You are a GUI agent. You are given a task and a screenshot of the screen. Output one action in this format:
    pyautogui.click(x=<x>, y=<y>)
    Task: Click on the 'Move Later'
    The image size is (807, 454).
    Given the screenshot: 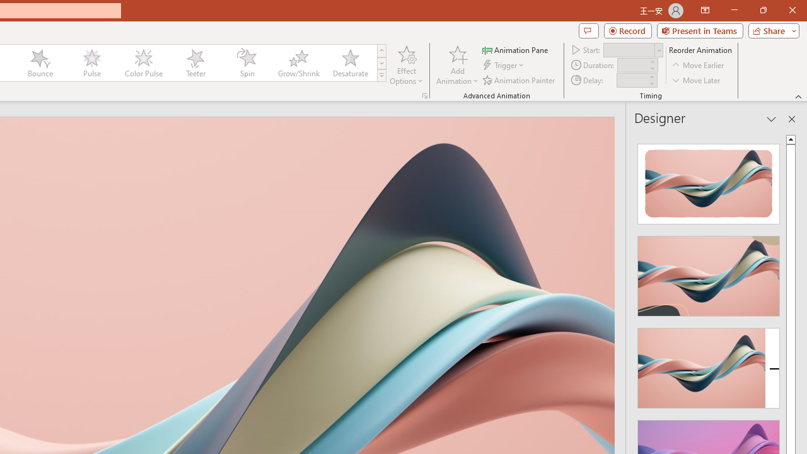 What is the action you would take?
    pyautogui.click(x=696, y=80)
    